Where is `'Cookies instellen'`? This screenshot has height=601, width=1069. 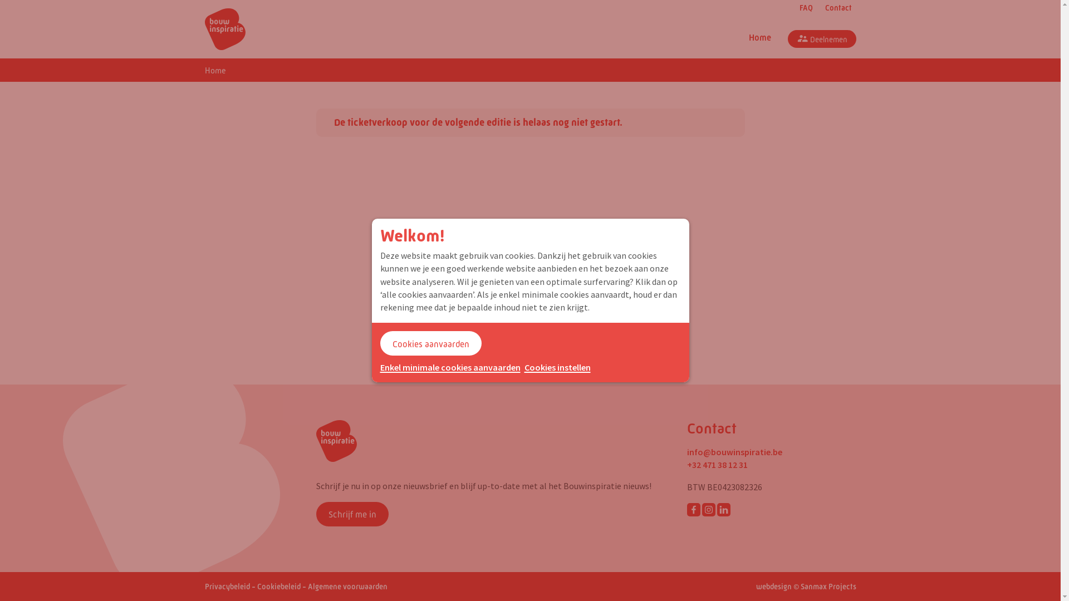
'Cookies instellen' is located at coordinates (557, 367).